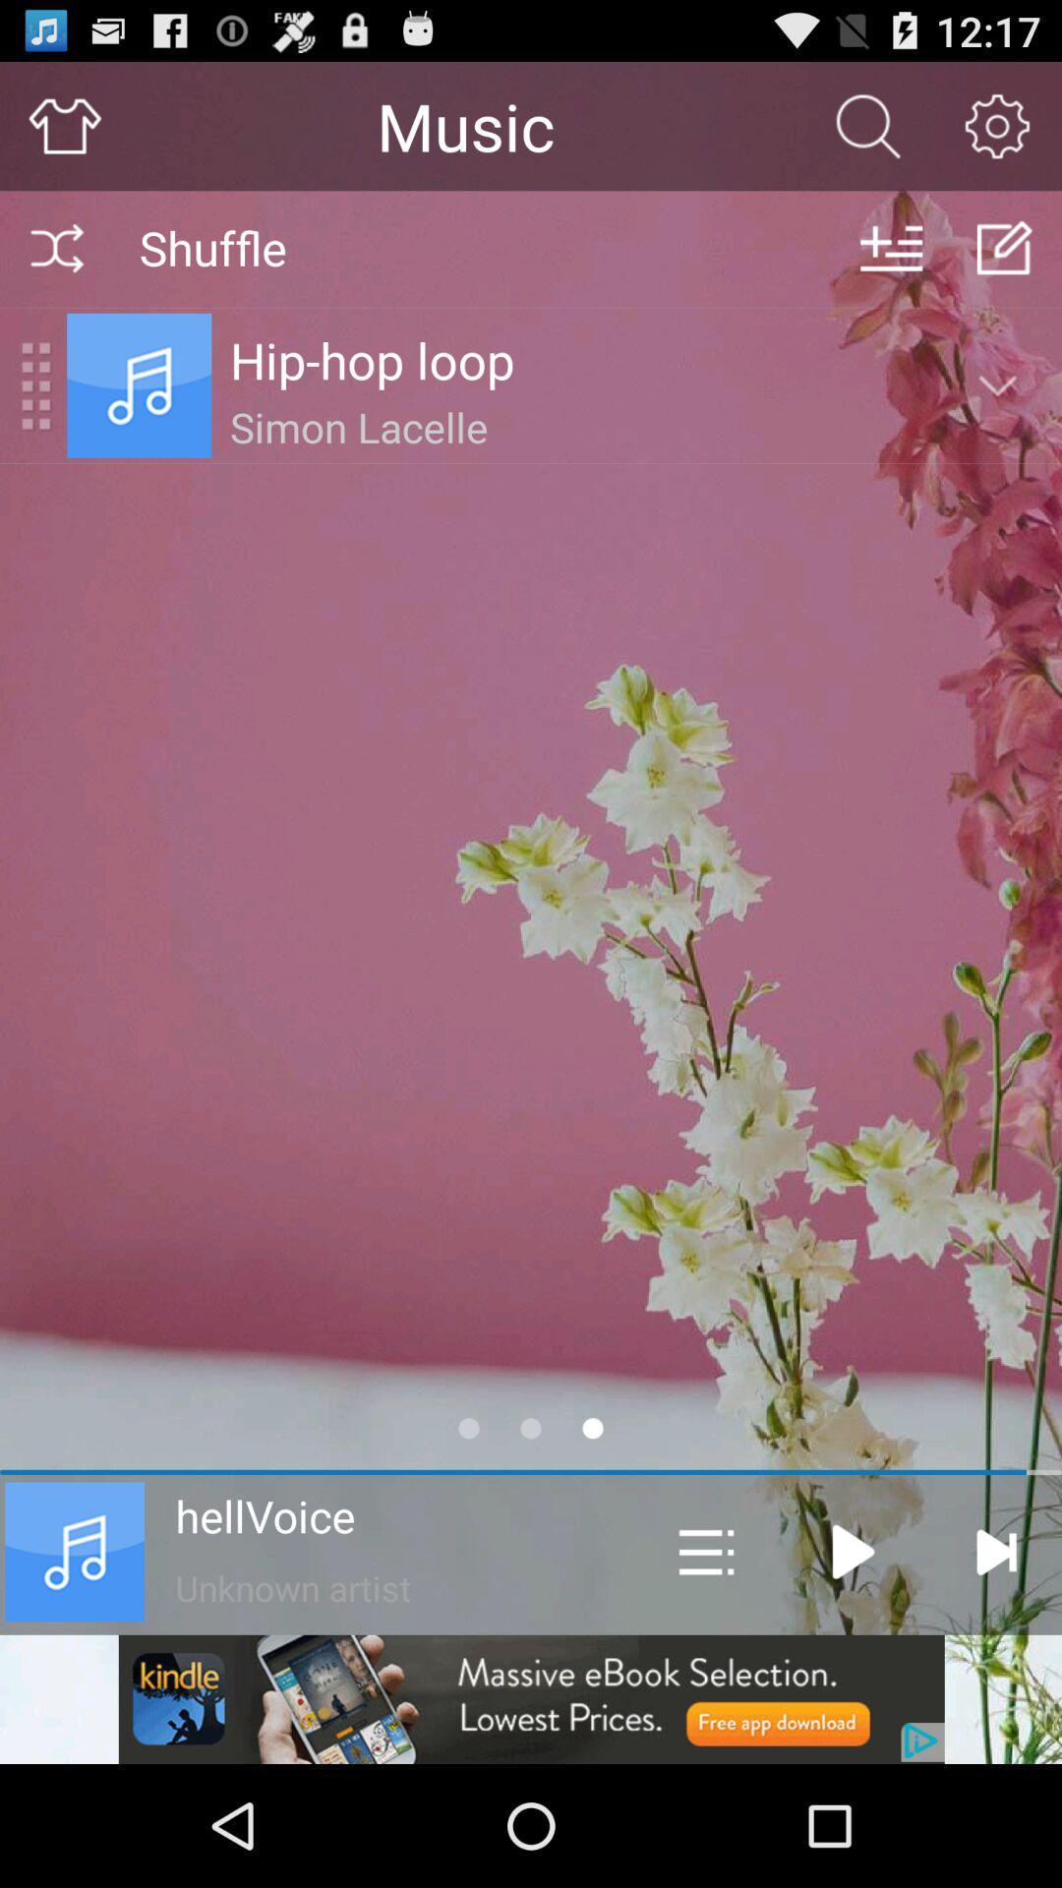 The height and width of the screenshot is (1888, 1062). What do you see at coordinates (995, 1660) in the screenshot?
I see `the skip_next icon` at bounding box center [995, 1660].